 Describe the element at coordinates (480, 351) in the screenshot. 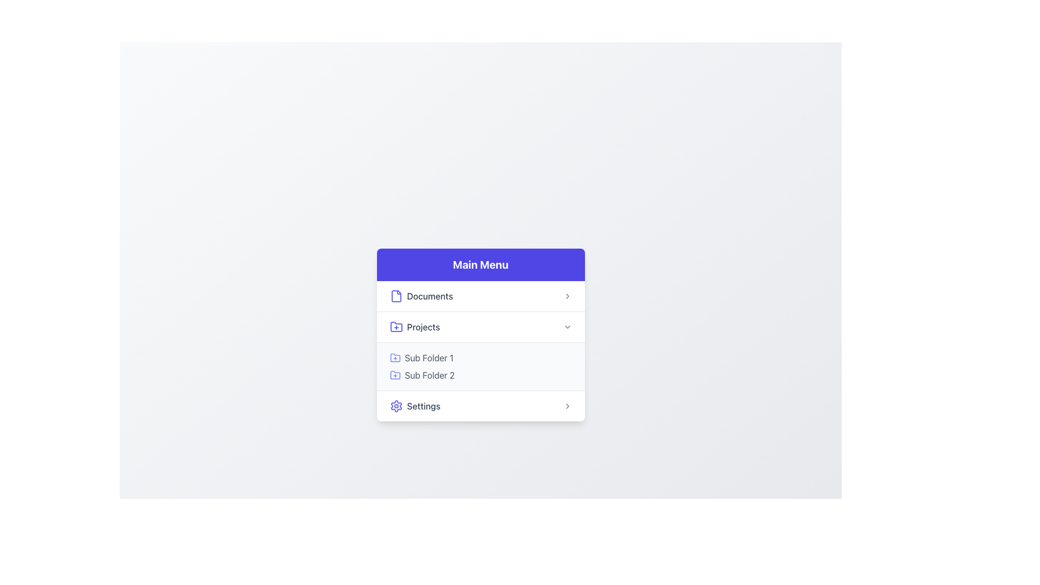

I see `the item` at that location.